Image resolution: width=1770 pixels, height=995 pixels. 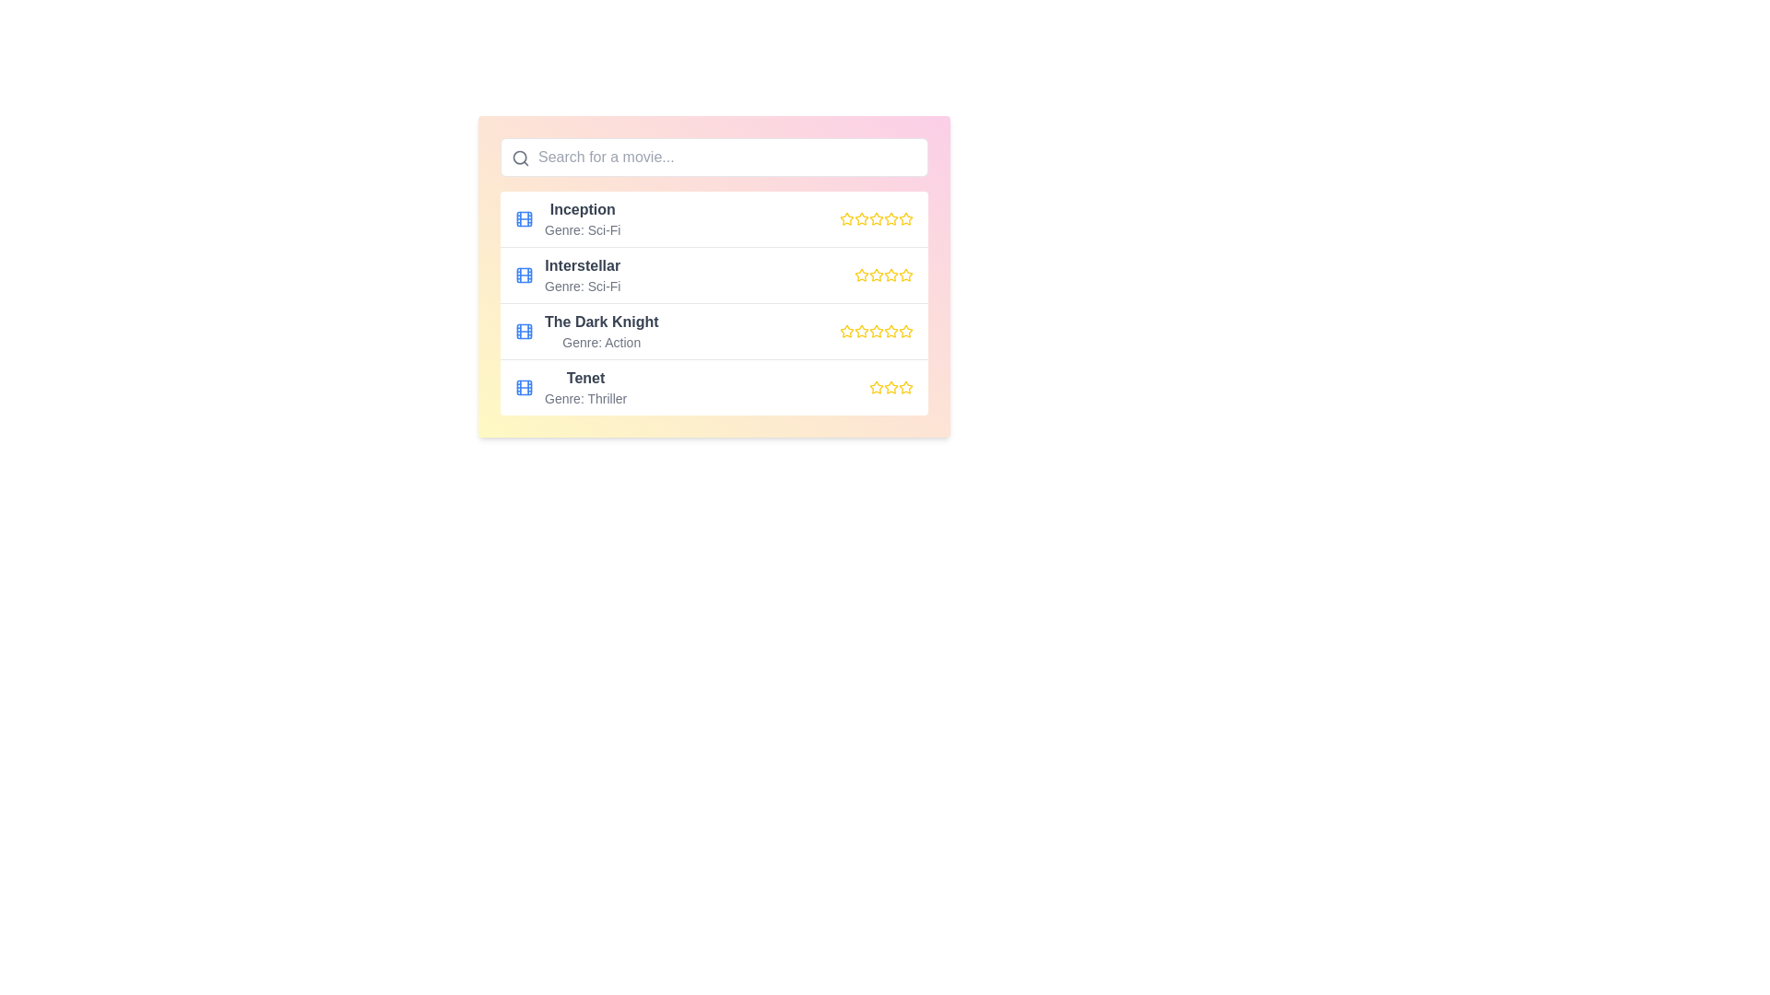 What do you see at coordinates (891, 386) in the screenshot?
I see `the last star` at bounding box center [891, 386].